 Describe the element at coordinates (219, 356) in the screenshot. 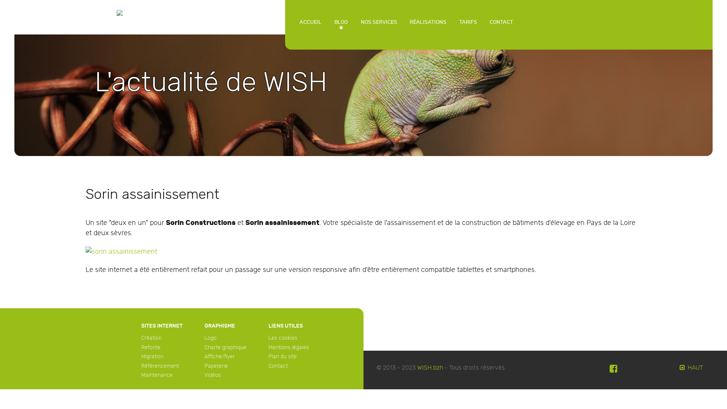

I see `'Affiche/flyer'` at that location.